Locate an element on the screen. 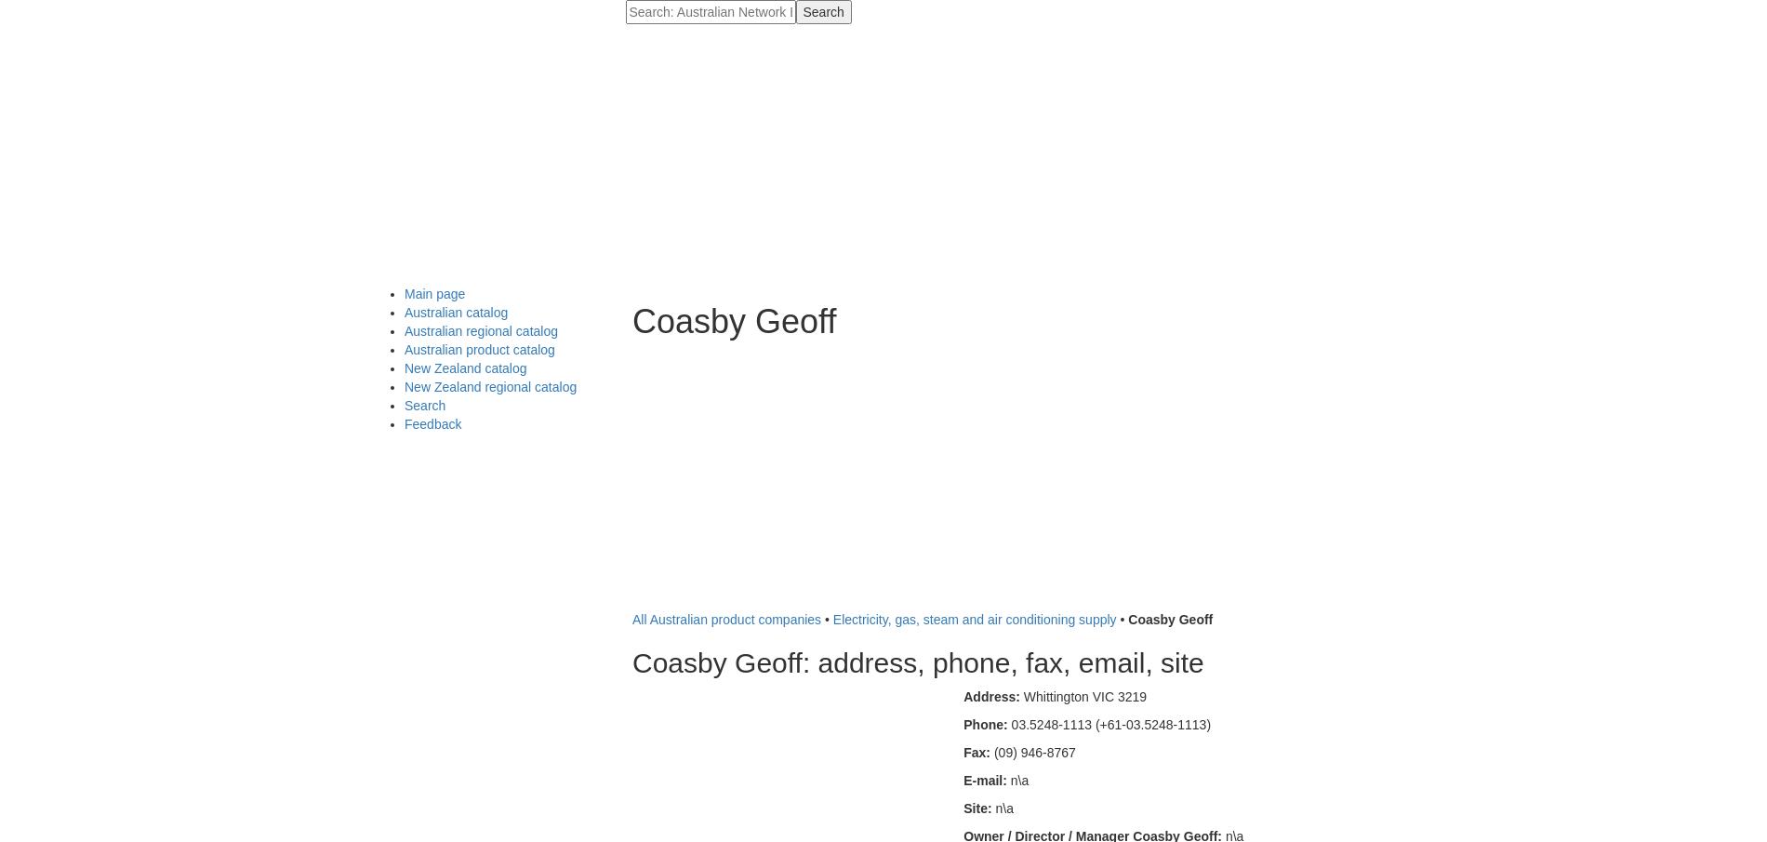 Image resolution: width=1767 pixels, height=842 pixels. 'Site:' is located at coordinates (977, 807).